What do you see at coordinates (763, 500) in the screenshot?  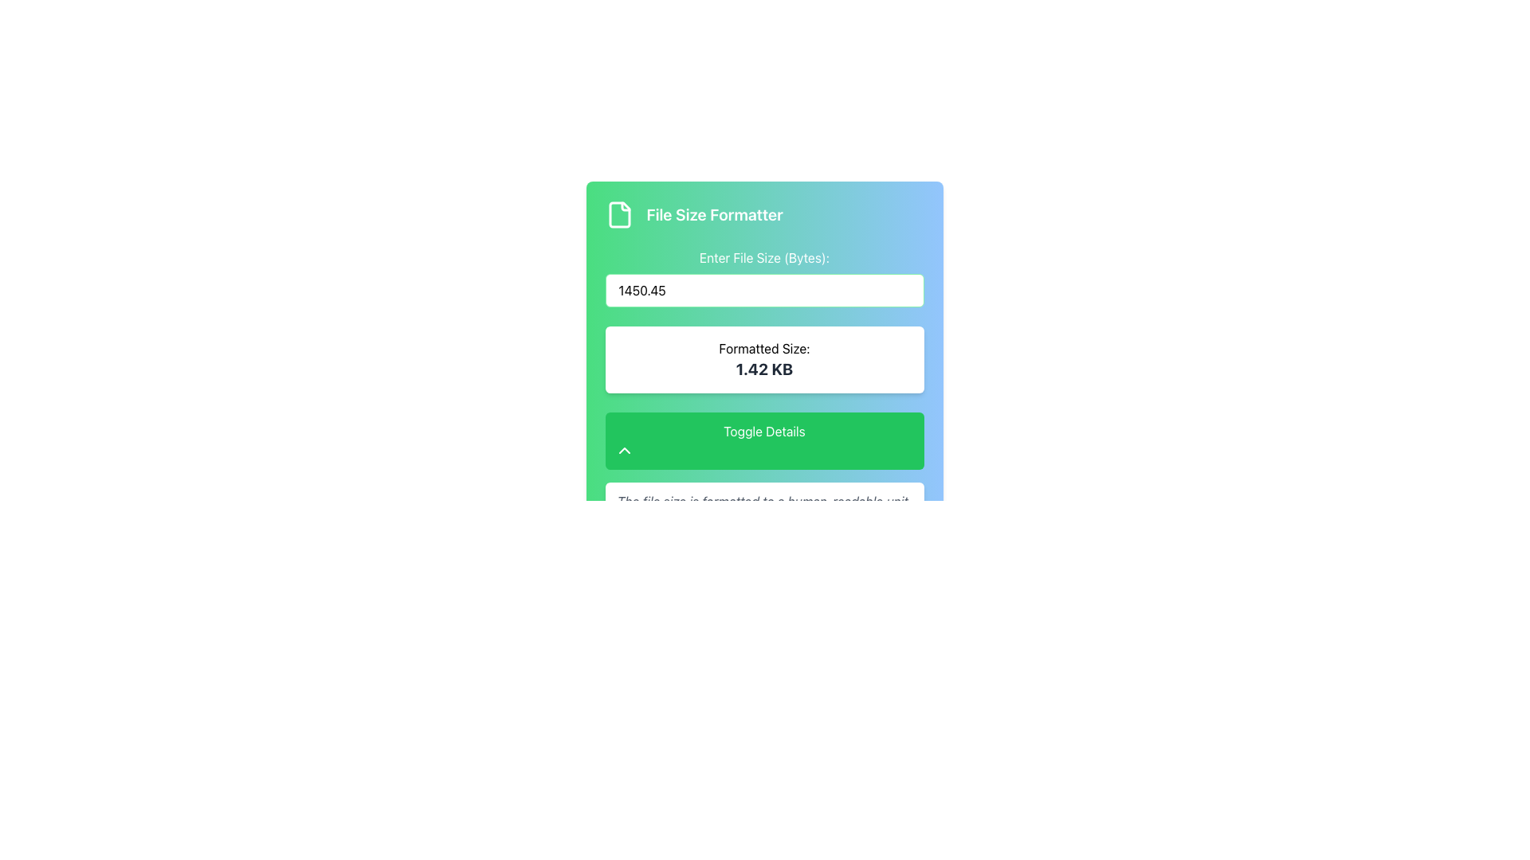 I see `italicized text block that states 'The file size is formatted to a human-readable unit.' located at the bottom of the card component beneath the 'Toggle Details' button` at bounding box center [763, 500].